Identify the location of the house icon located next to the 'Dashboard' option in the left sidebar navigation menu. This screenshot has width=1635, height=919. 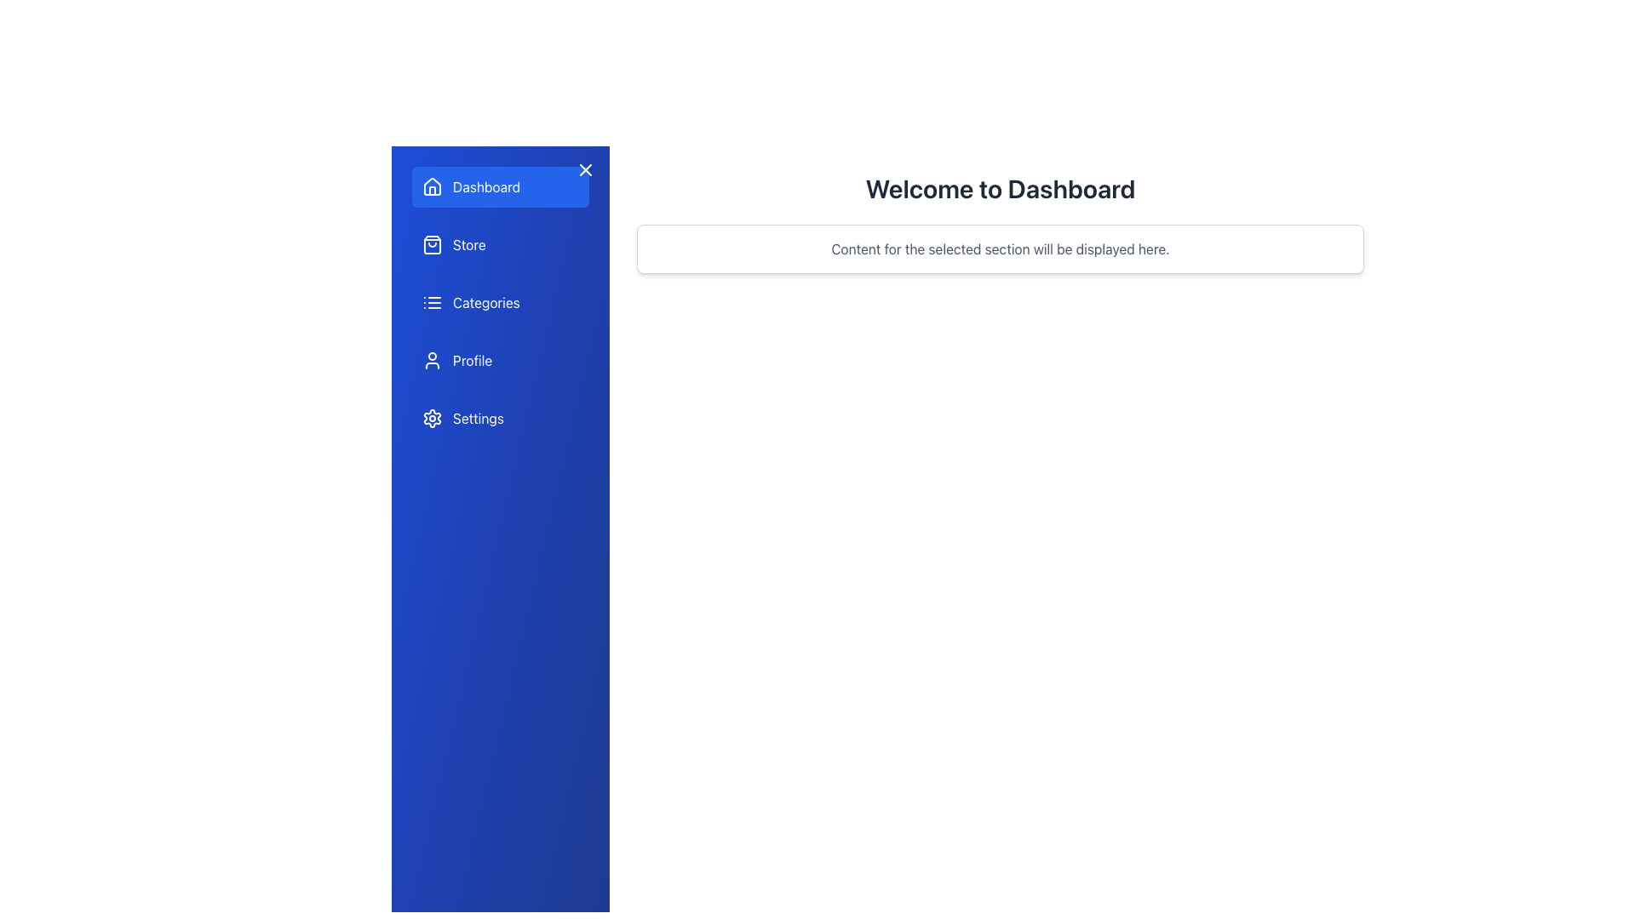
(433, 186).